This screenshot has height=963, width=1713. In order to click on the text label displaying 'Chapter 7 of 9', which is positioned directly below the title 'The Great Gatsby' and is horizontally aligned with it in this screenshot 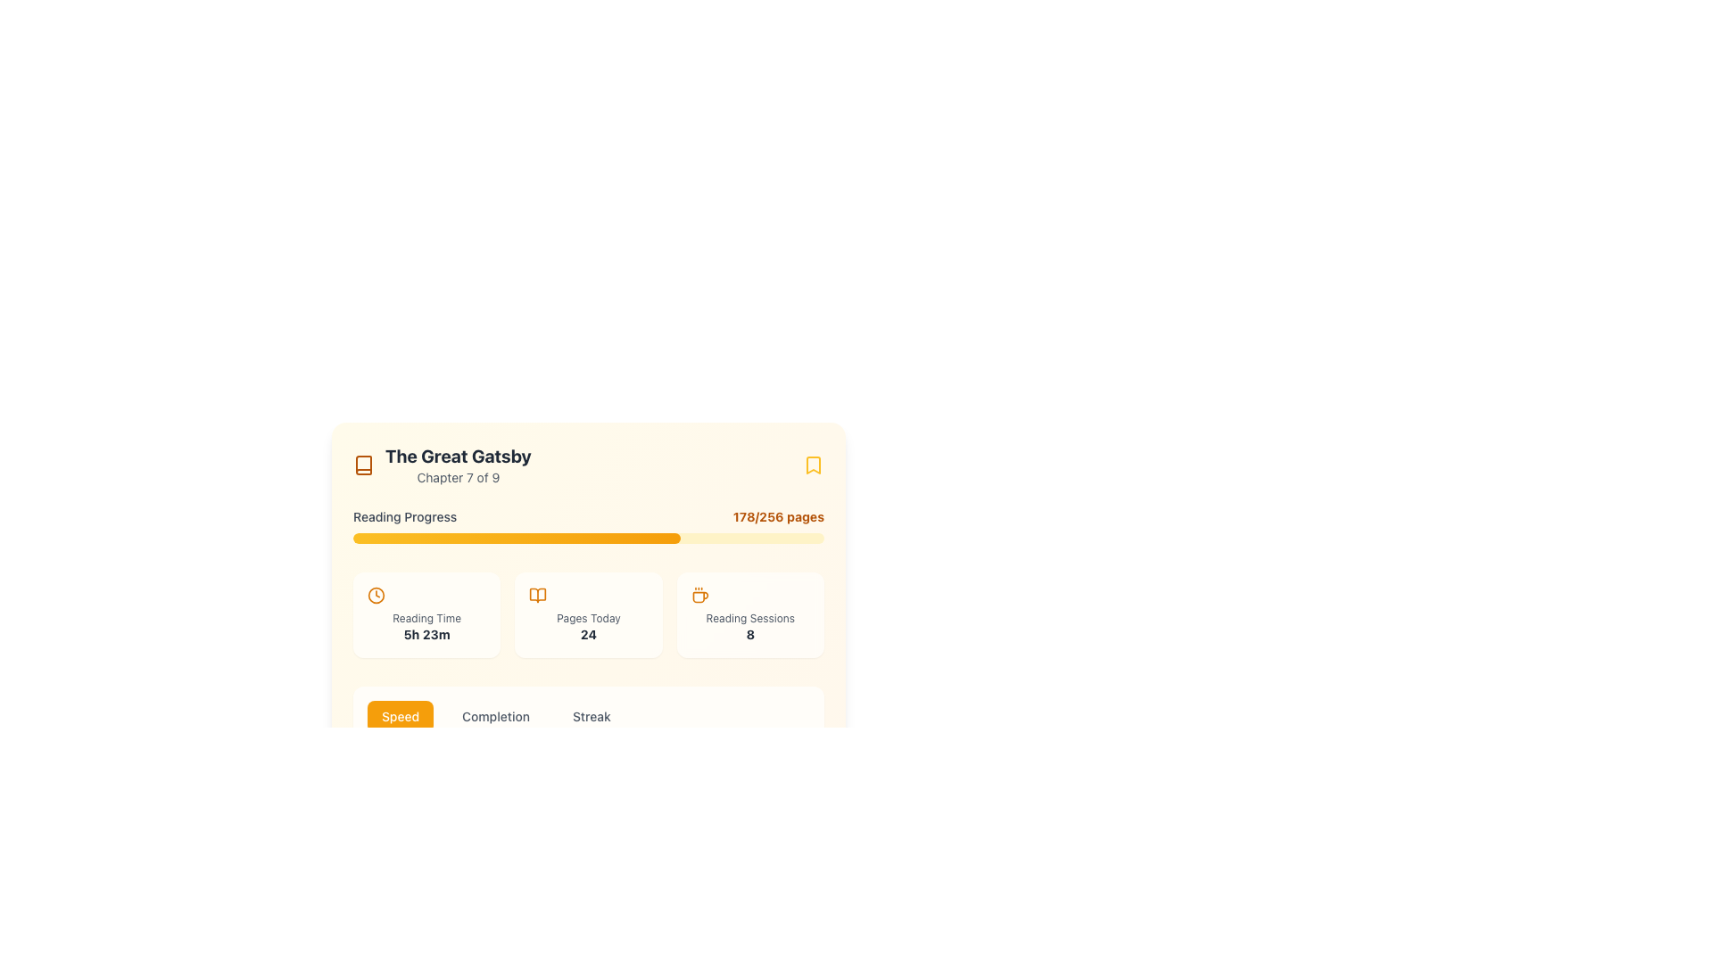, I will do `click(458, 477)`.